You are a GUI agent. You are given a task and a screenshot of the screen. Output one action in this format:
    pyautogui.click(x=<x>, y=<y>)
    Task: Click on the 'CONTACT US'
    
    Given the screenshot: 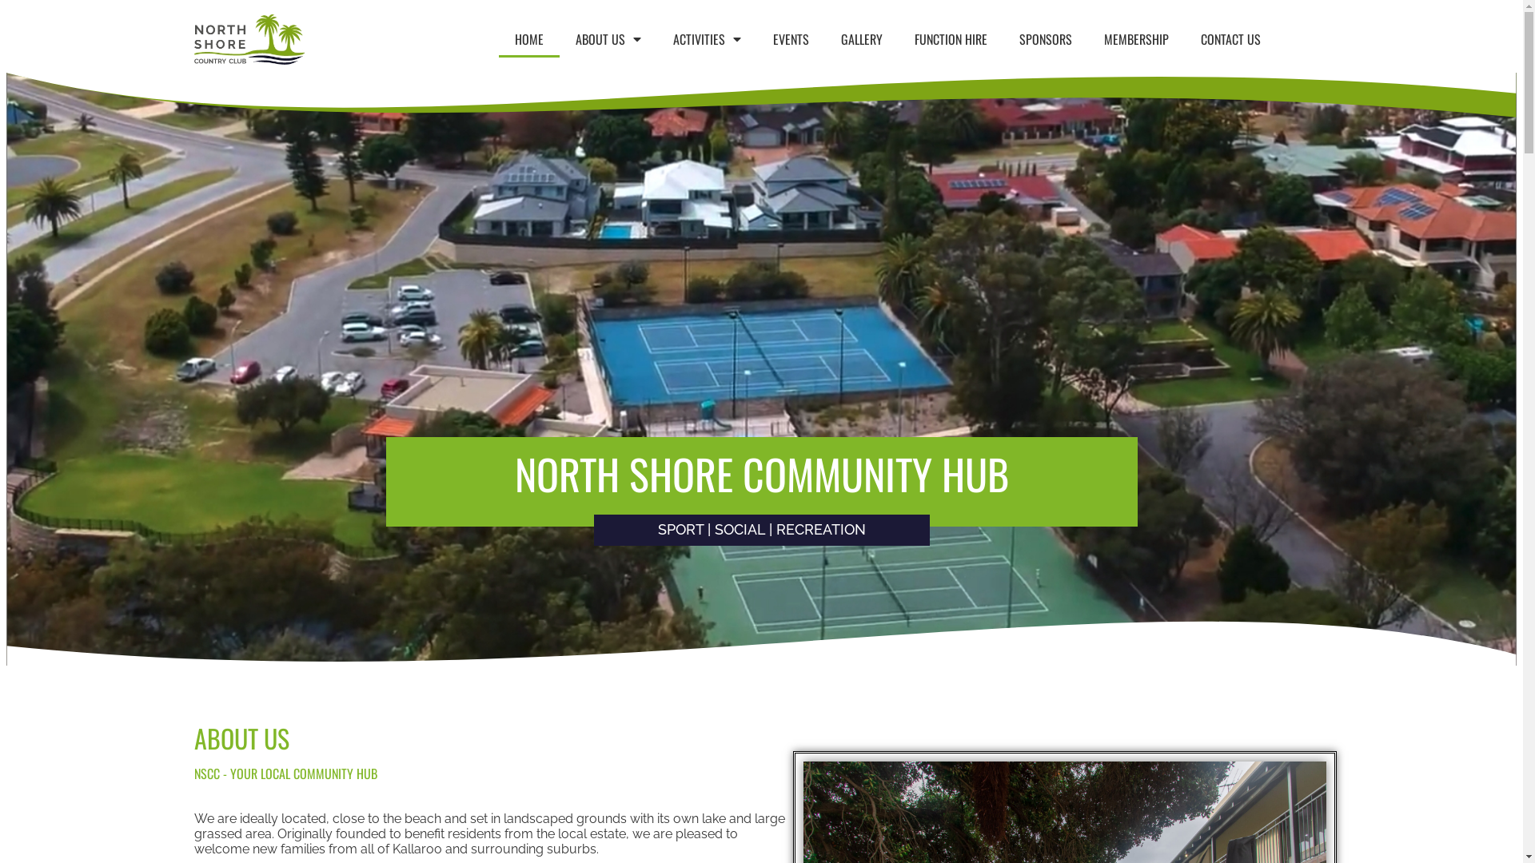 What is the action you would take?
    pyautogui.click(x=1230, y=38)
    